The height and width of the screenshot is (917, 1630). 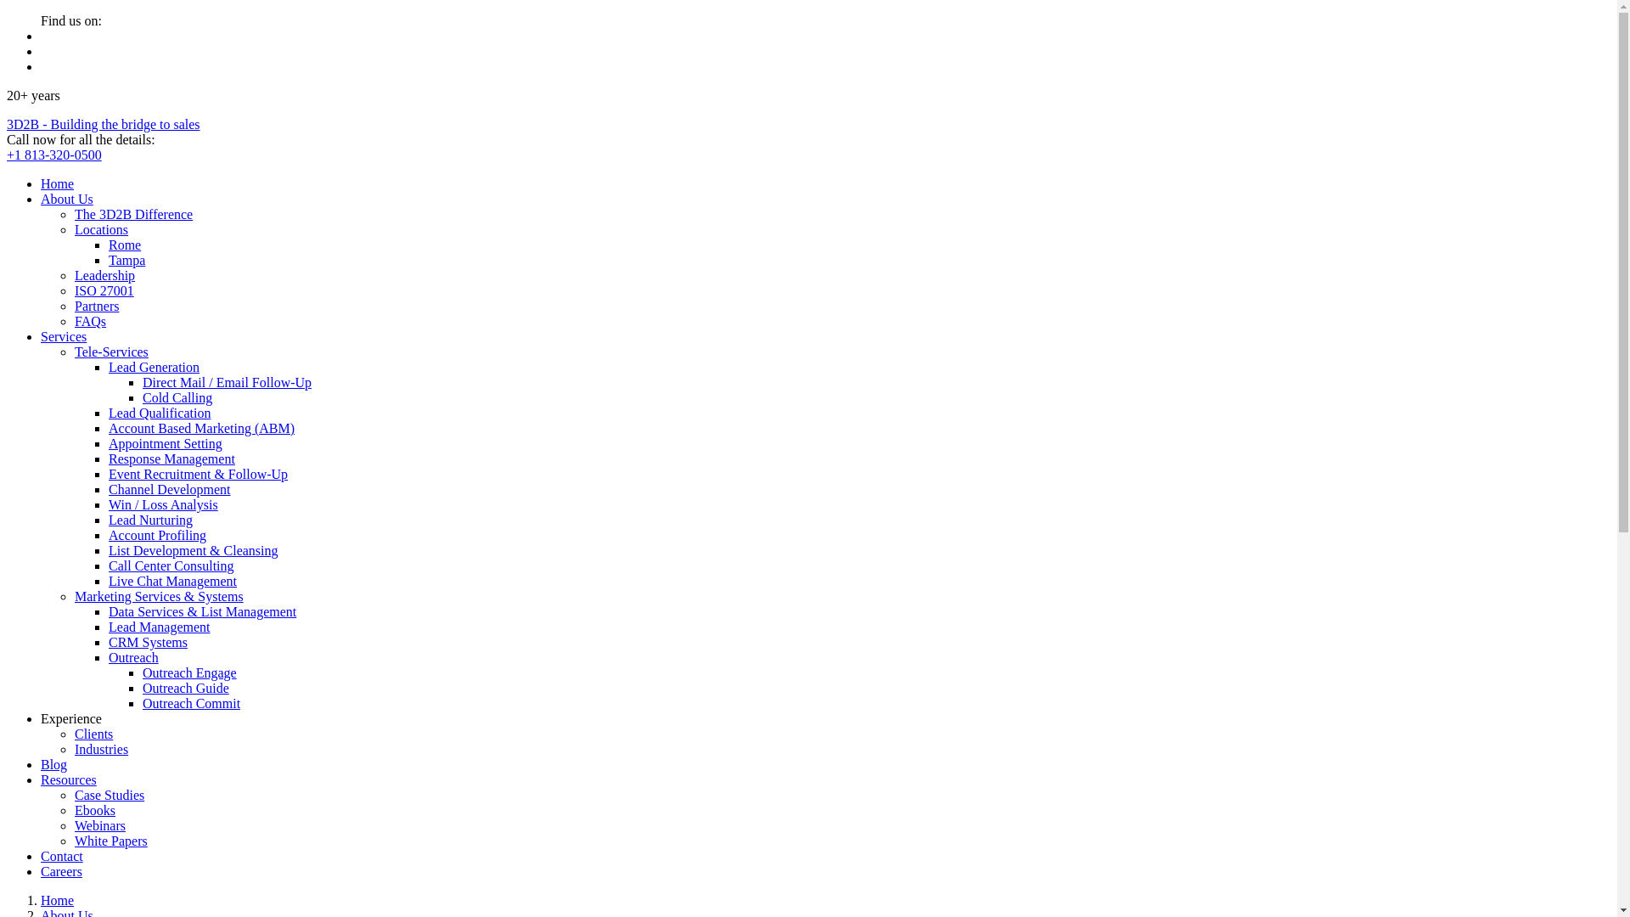 I want to click on 'Outreach Engage', so click(x=189, y=672).